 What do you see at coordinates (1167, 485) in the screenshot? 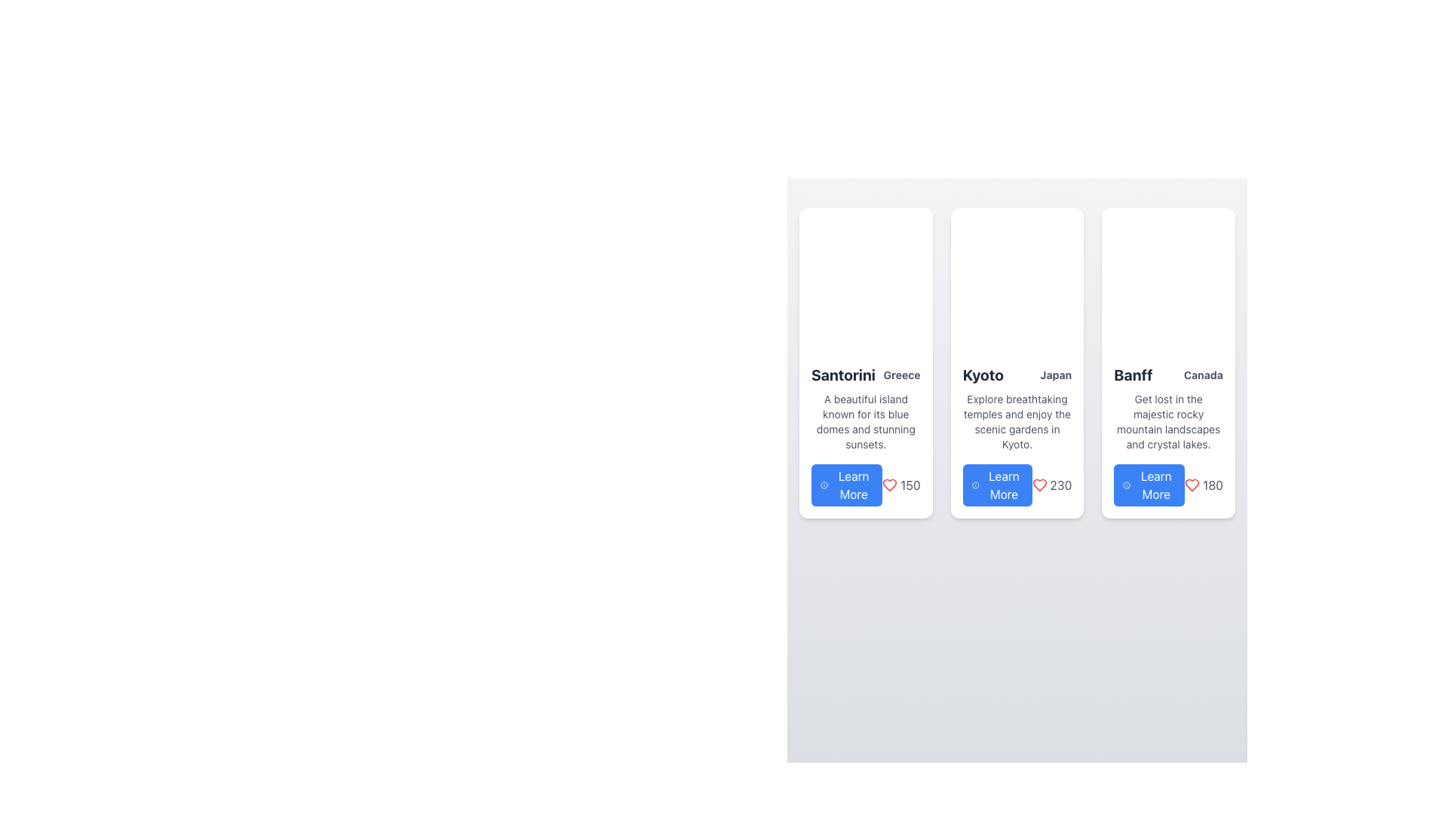
I see `the blue 'Learn More' button located in the bottom-right corner of the 'Banff' card` at bounding box center [1167, 485].